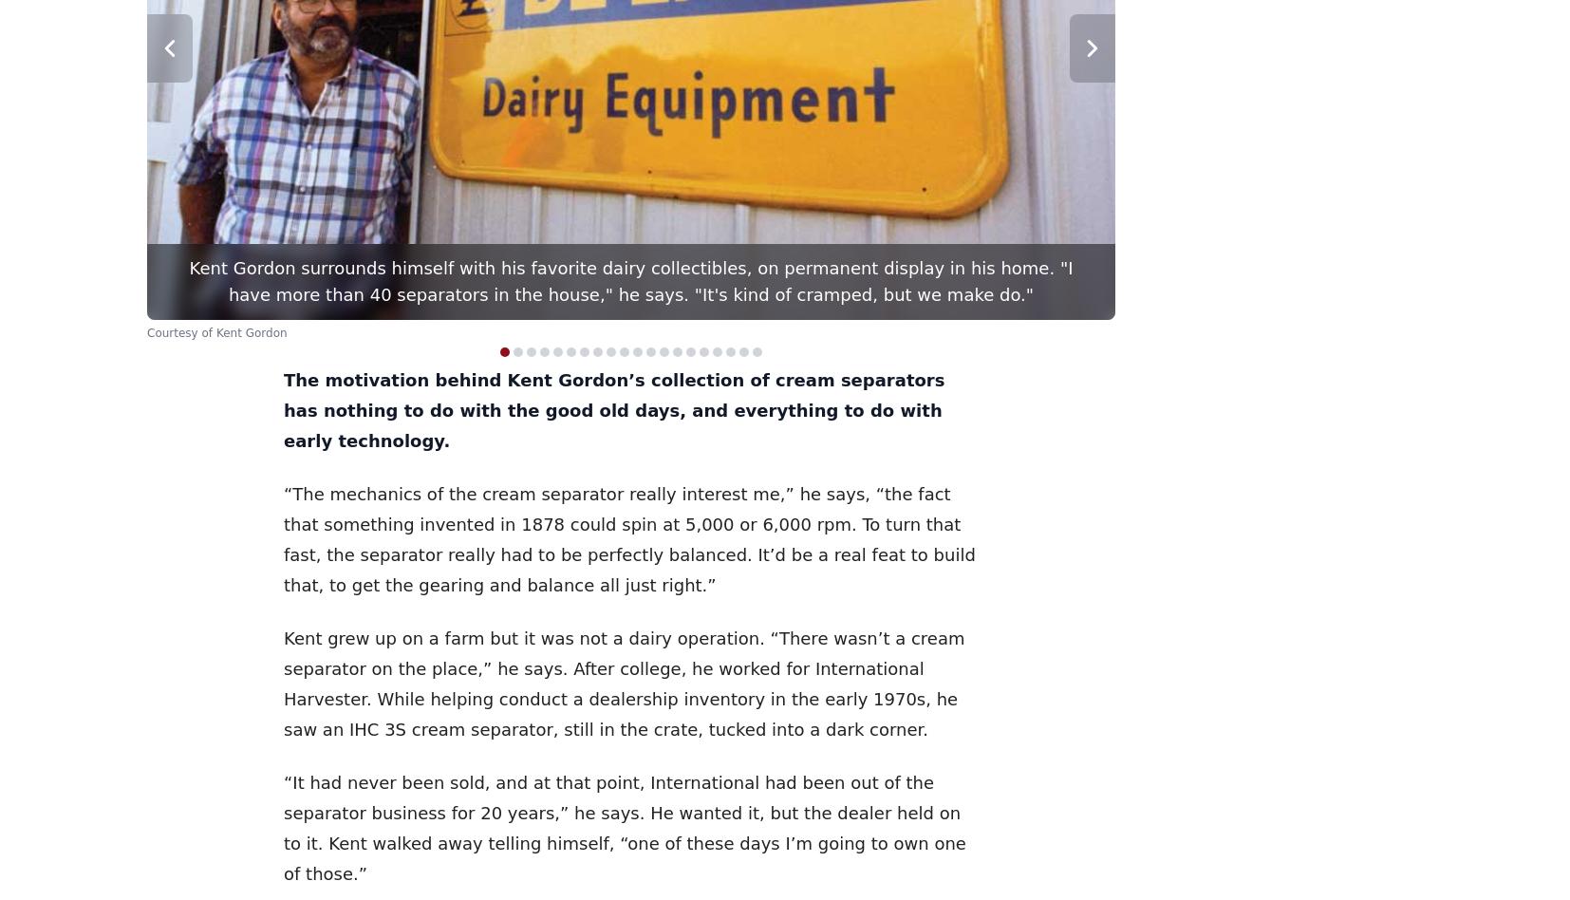 The height and width of the screenshot is (900, 1570). What do you see at coordinates (491, 273) in the screenshot?
I see `'FARM MACHINERY, 6TH EDITION'` at bounding box center [491, 273].